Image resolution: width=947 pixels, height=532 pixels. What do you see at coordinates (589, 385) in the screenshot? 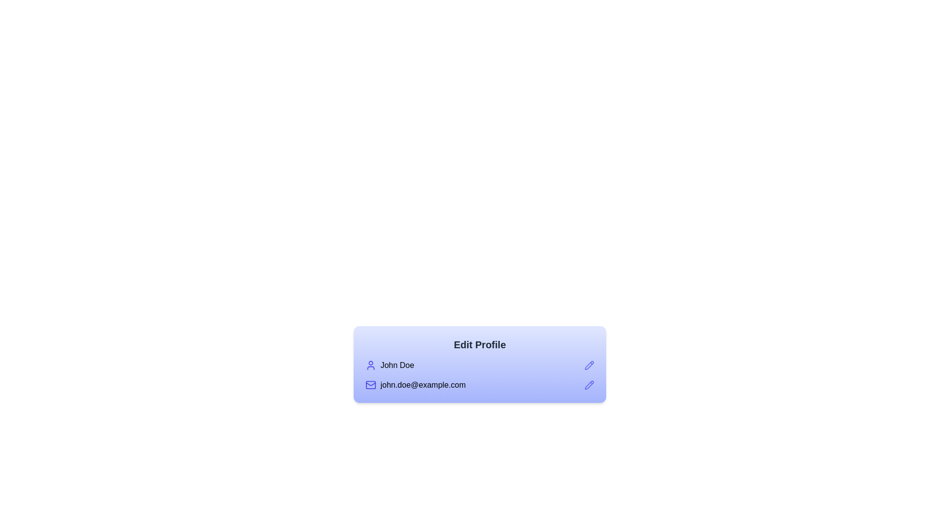
I see `the edit icon located at the bottom-right corner of the 'Edit Profile' panel to initiate the edit action` at bounding box center [589, 385].